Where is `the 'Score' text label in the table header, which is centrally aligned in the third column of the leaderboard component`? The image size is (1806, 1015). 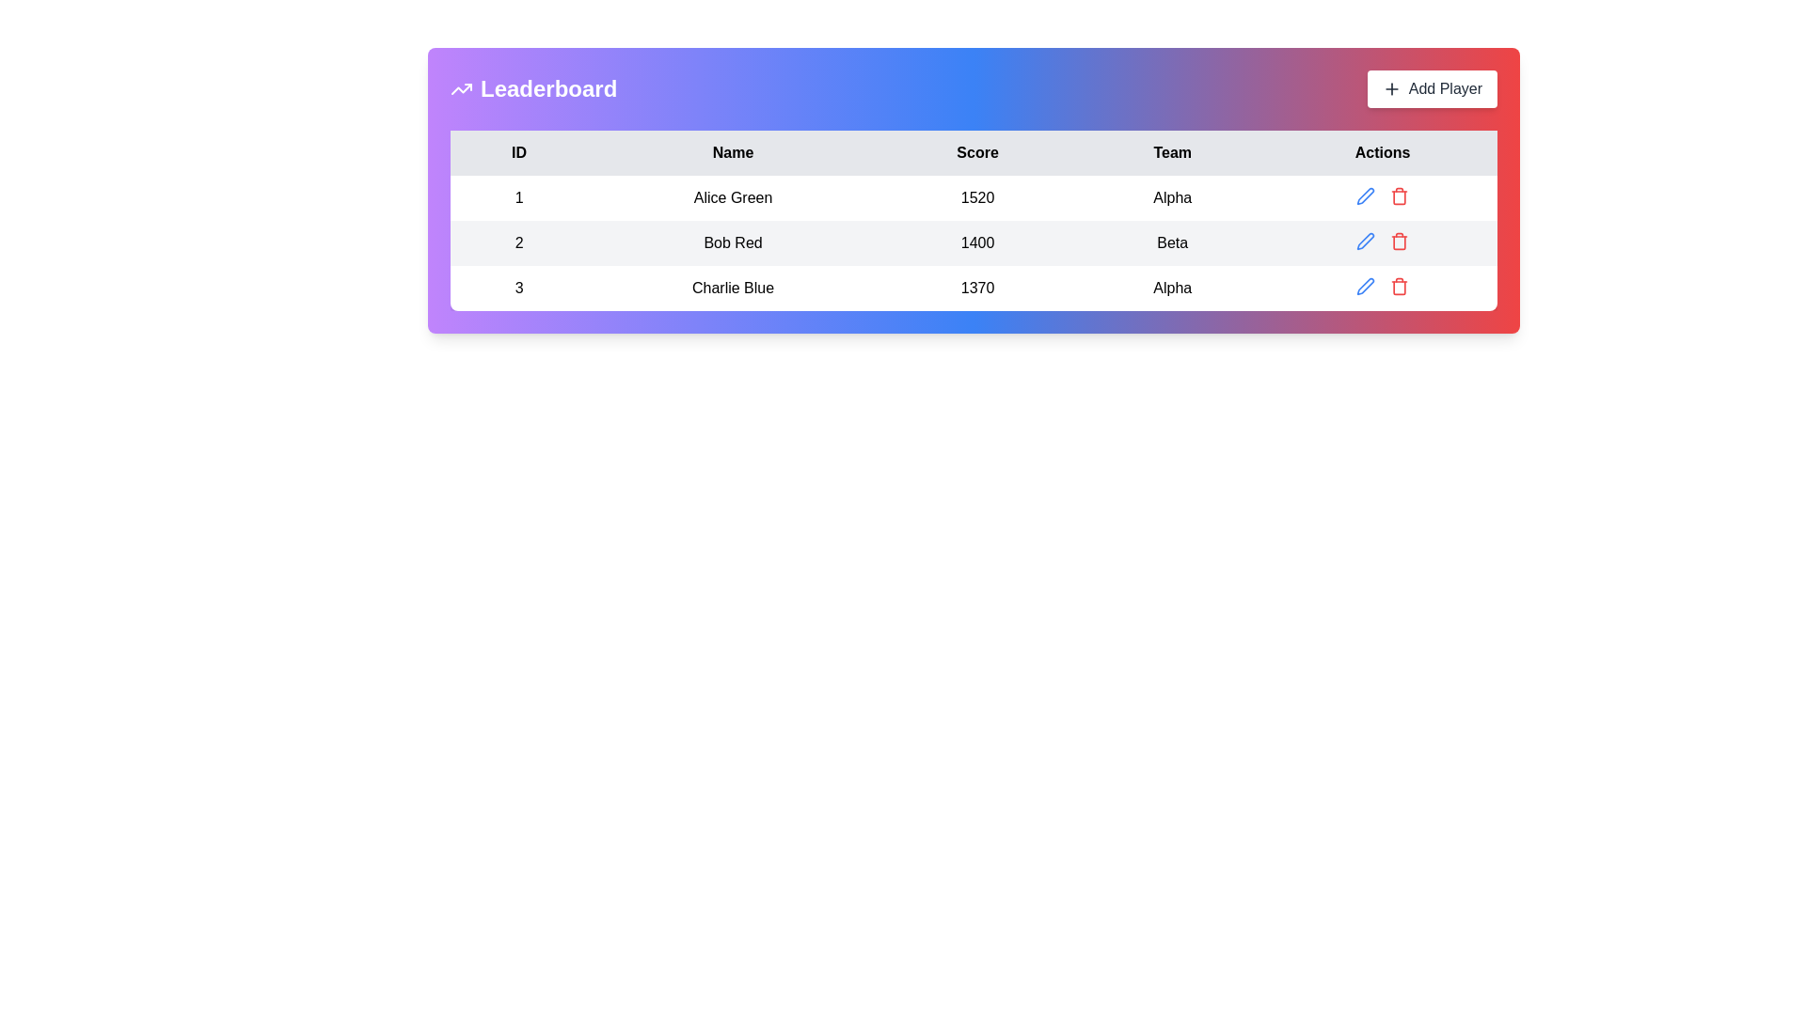
the 'Score' text label in the table header, which is centrally aligned in the third column of the leaderboard component is located at coordinates (974, 151).